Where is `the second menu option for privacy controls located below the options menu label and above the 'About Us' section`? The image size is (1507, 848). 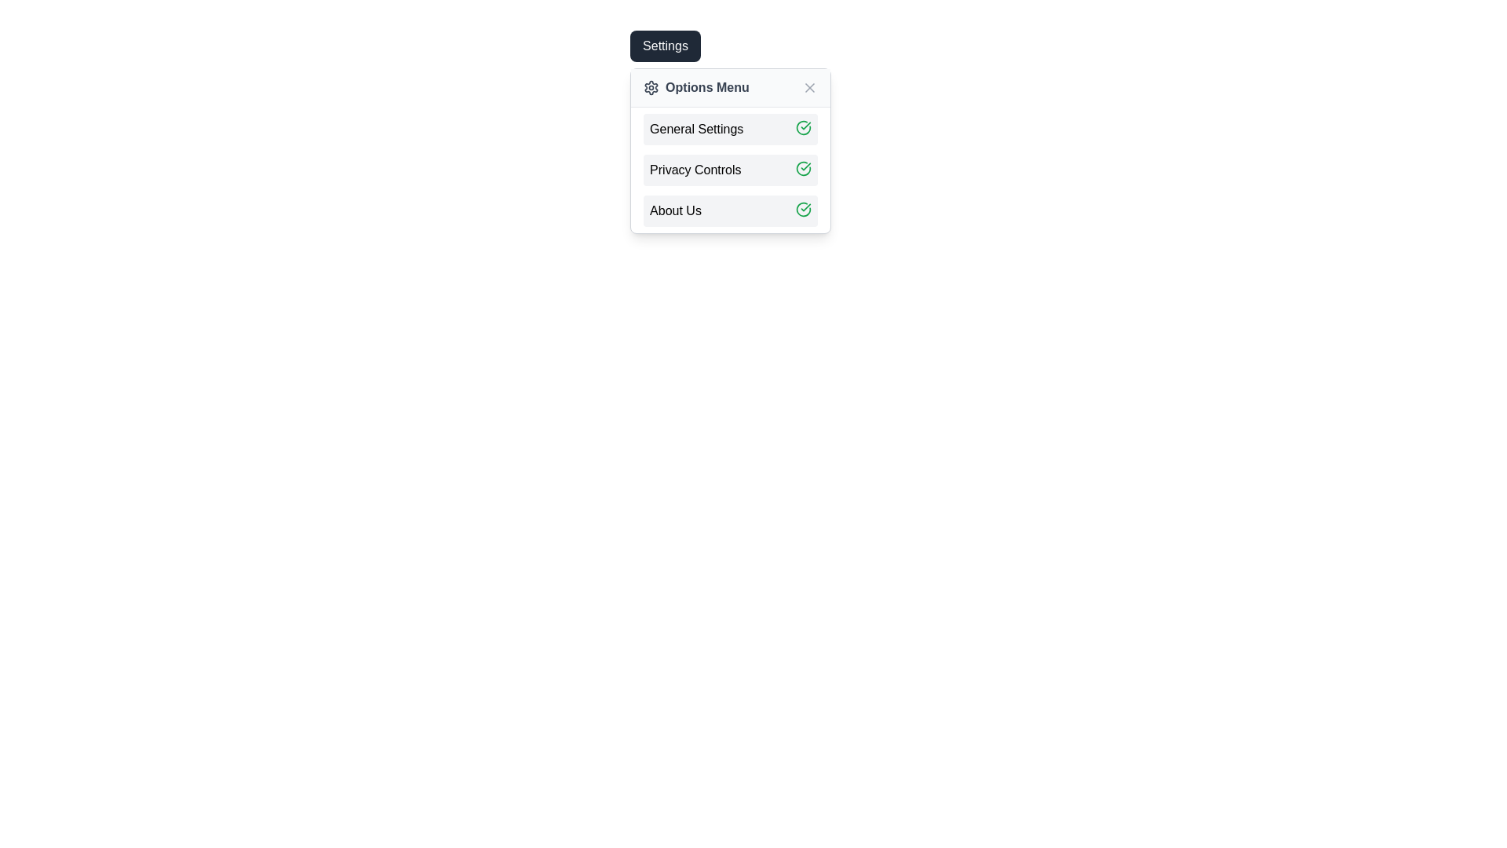
the second menu option for privacy controls located below the options menu label and above the 'About Us' section is located at coordinates (730, 170).